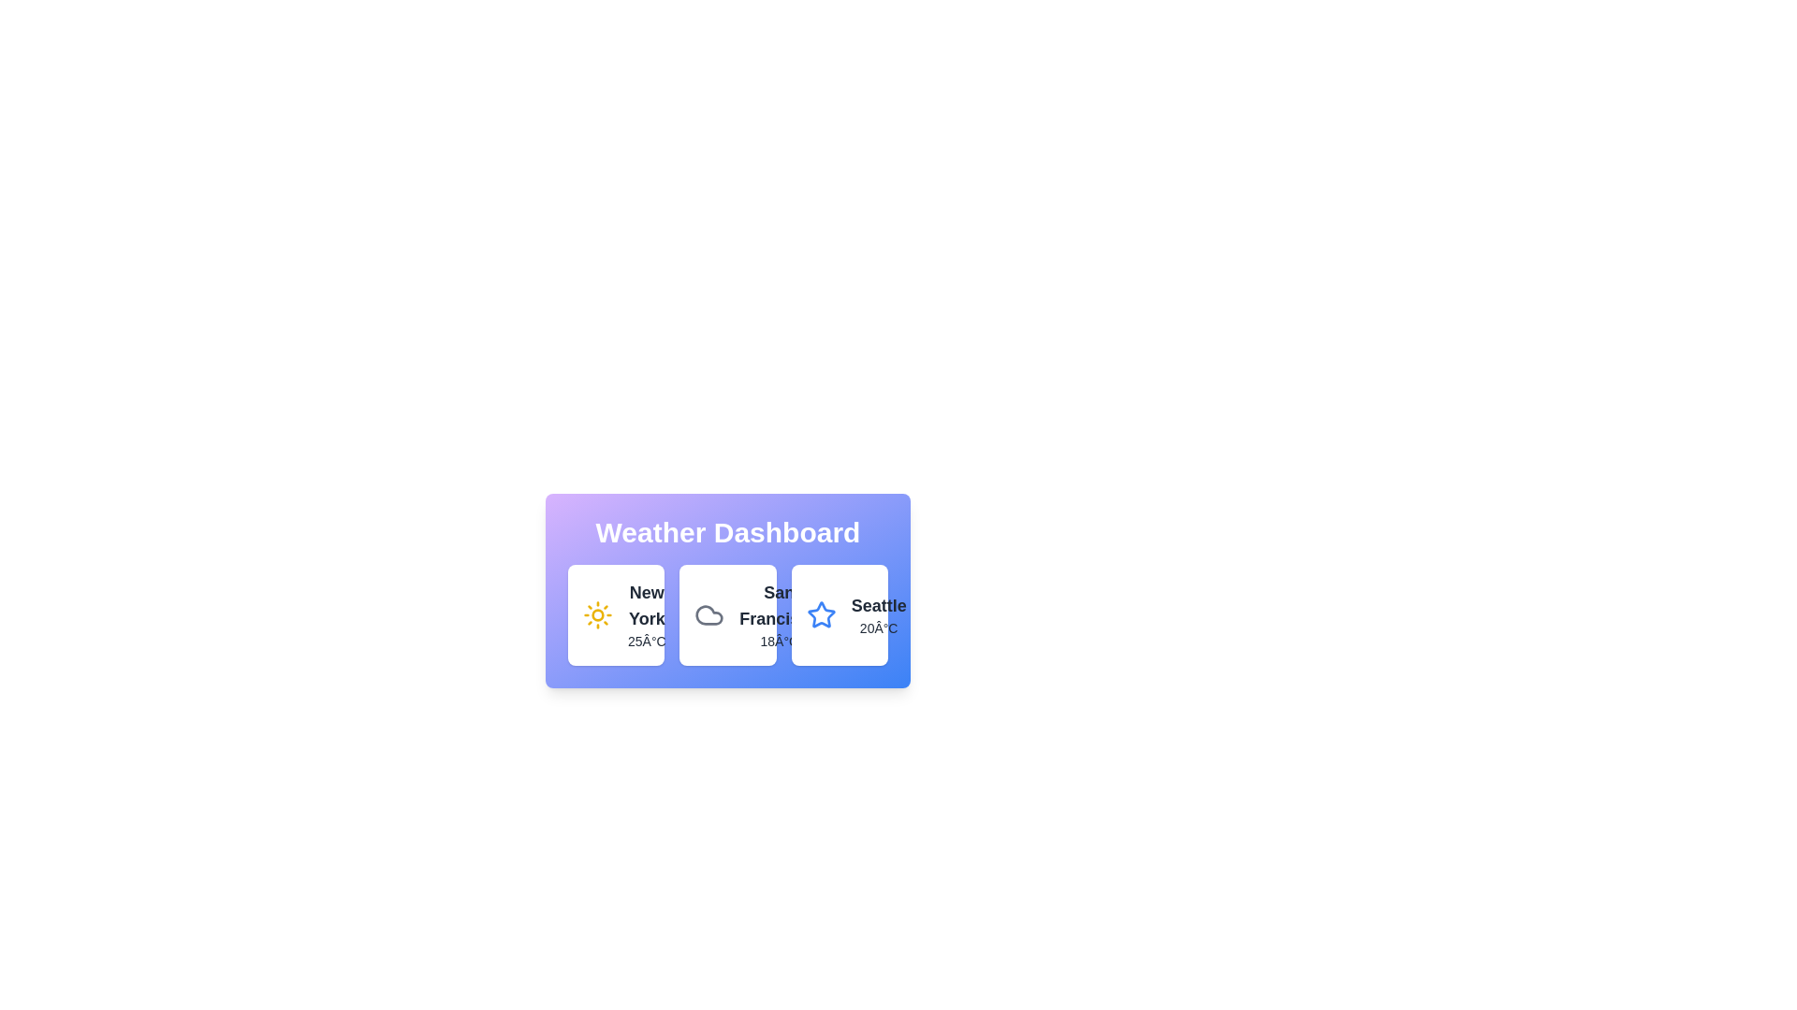 The image size is (1797, 1010). I want to click on the weather icon representing cloudy weather for San Francisco, located to the left of the text 'San Francisco 18°C', so click(709, 615).